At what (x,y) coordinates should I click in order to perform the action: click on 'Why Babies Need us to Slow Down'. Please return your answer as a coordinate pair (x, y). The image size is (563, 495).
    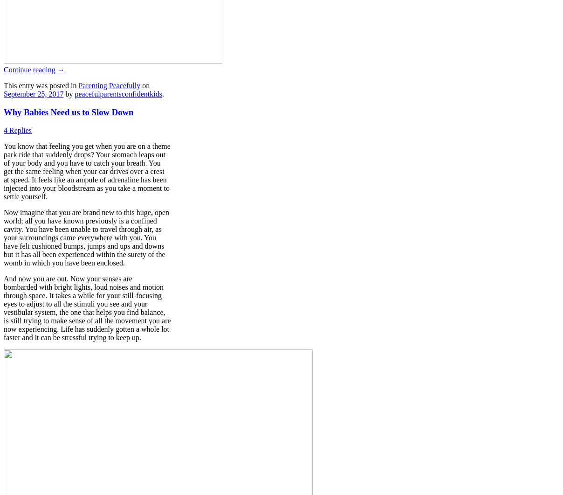
    Looking at the image, I should click on (68, 112).